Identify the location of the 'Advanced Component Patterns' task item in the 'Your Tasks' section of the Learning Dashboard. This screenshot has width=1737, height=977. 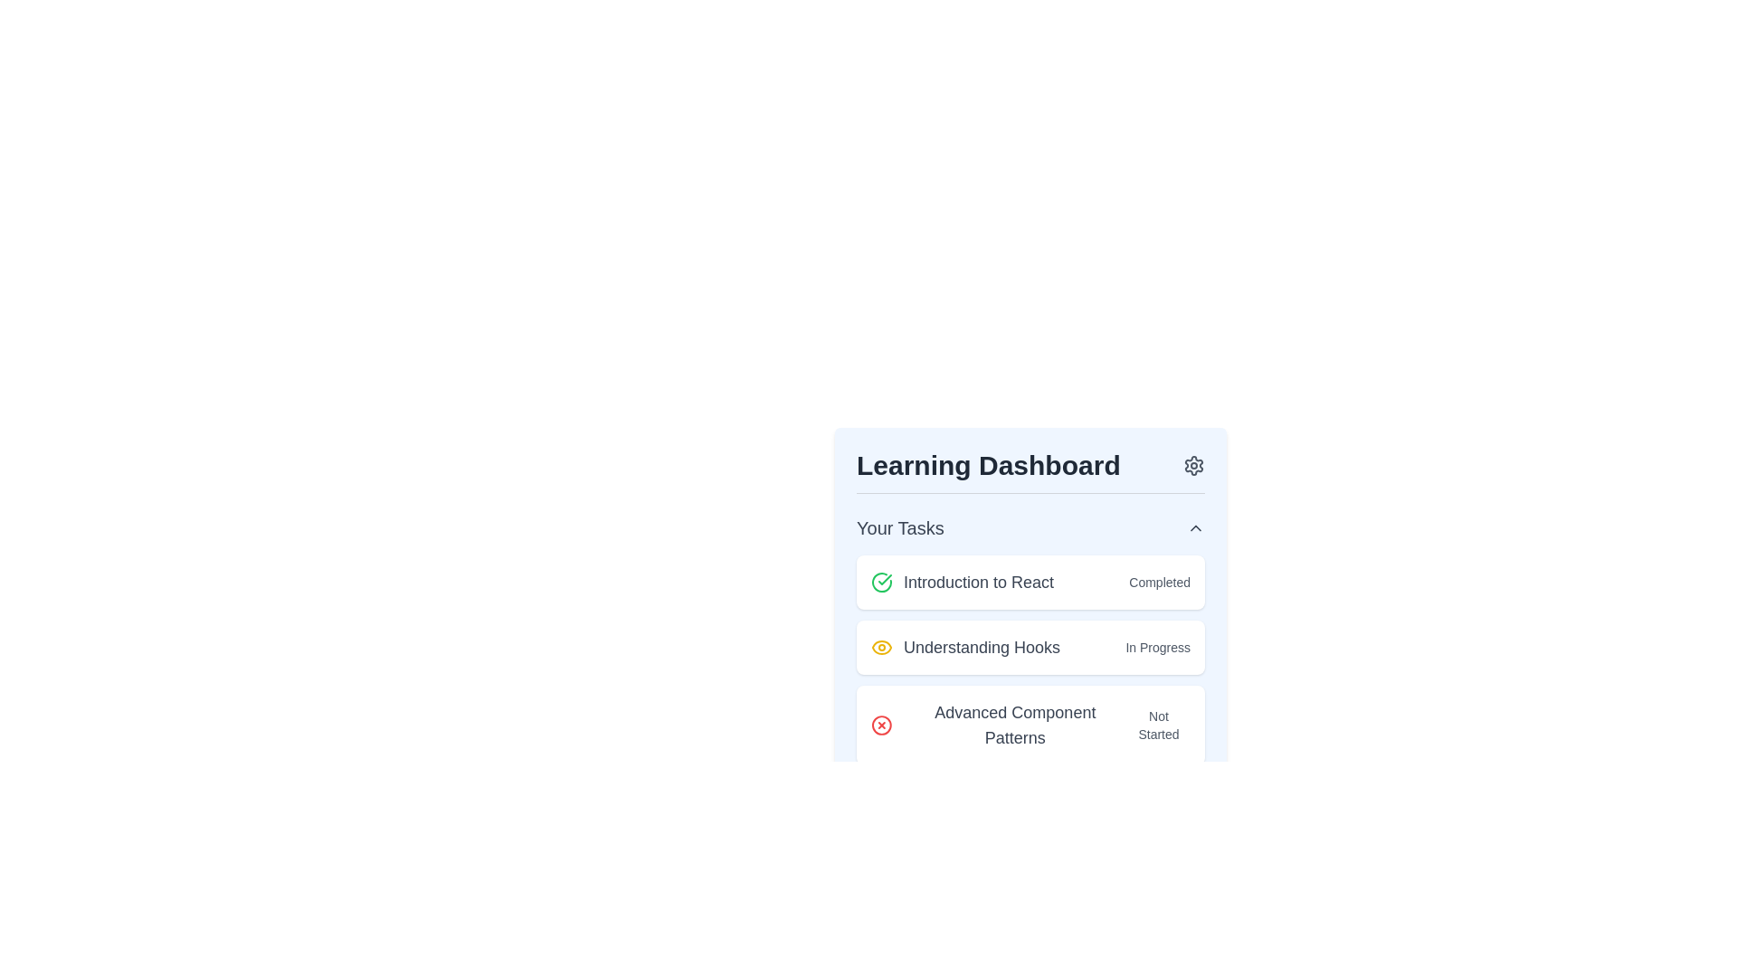
(998, 725).